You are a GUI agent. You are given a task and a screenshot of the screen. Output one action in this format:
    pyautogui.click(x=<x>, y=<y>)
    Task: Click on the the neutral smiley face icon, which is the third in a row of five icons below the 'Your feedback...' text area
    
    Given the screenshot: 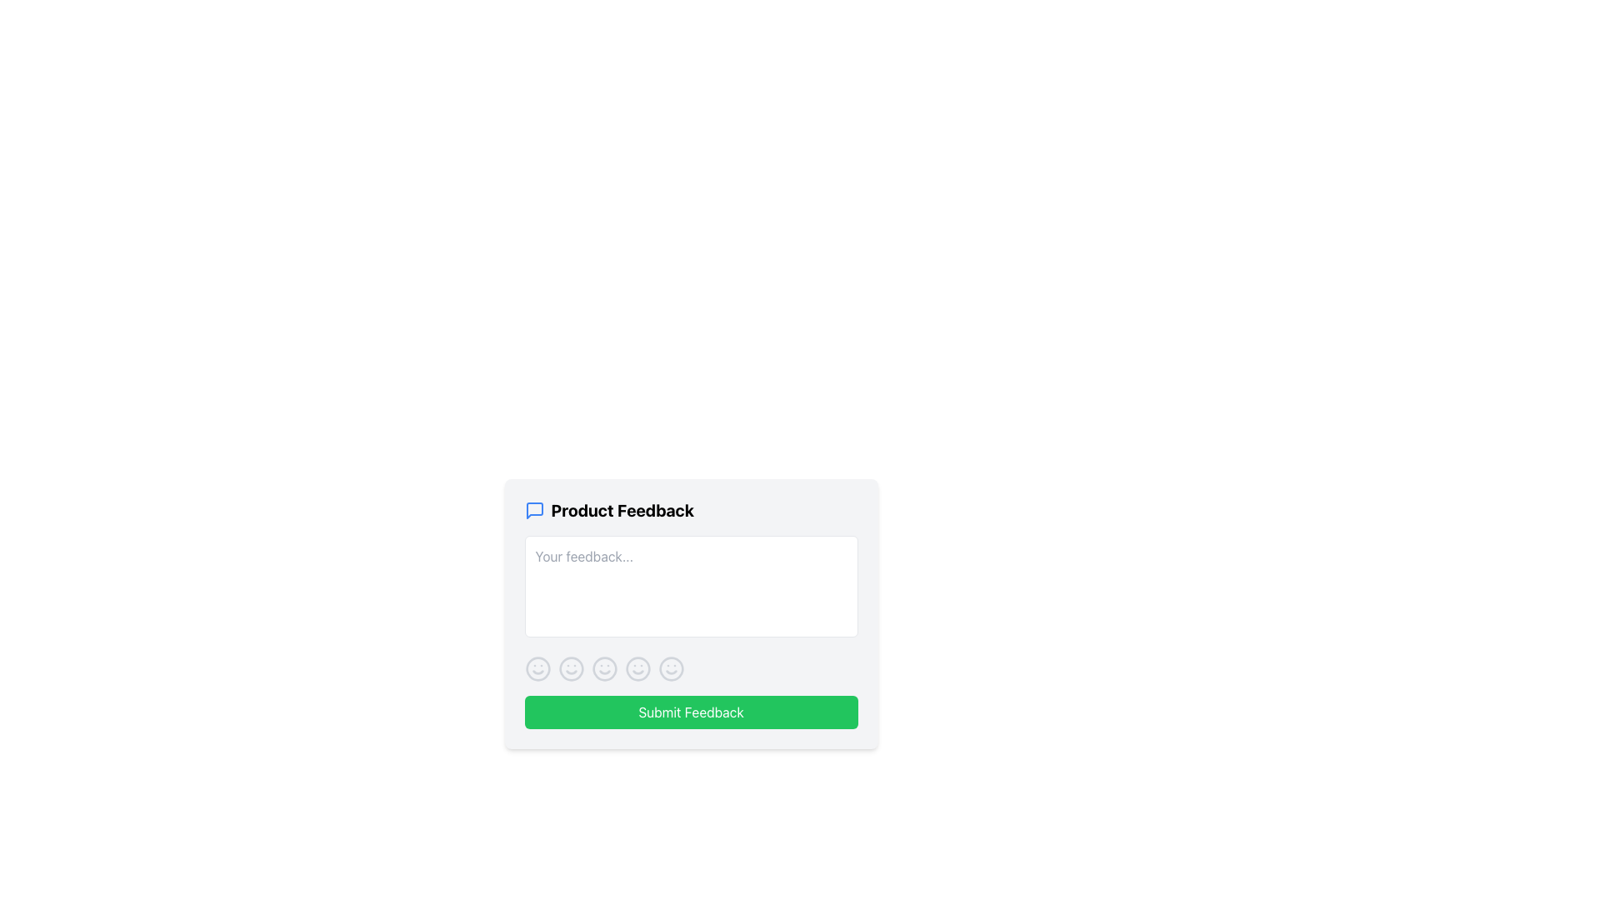 What is the action you would take?
    pyautogui.click(x=603, y=667)
    